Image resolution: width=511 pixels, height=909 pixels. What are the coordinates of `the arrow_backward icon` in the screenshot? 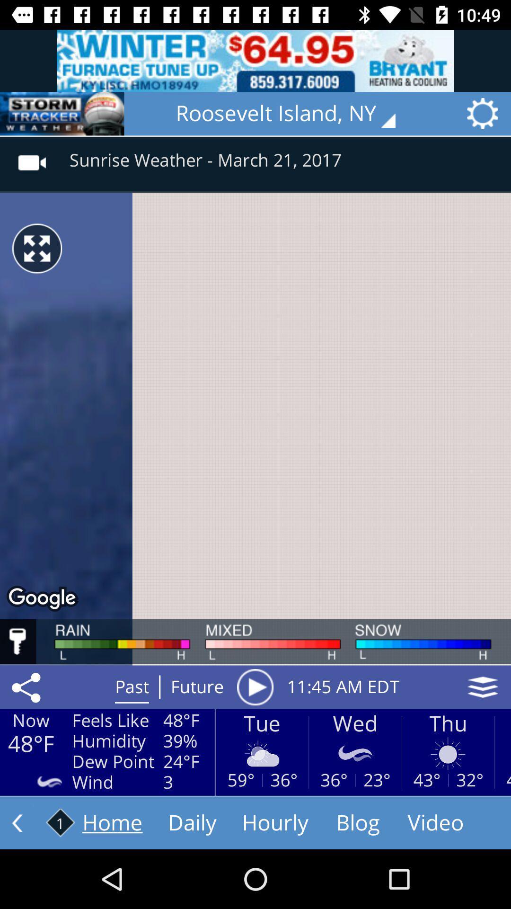 It's located at (62, 114).